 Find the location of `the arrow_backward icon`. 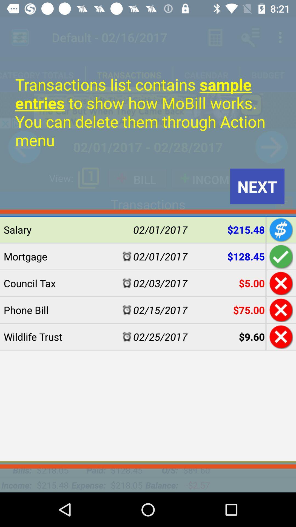

the arrow_backward icon is located at coordinates (24, 147).